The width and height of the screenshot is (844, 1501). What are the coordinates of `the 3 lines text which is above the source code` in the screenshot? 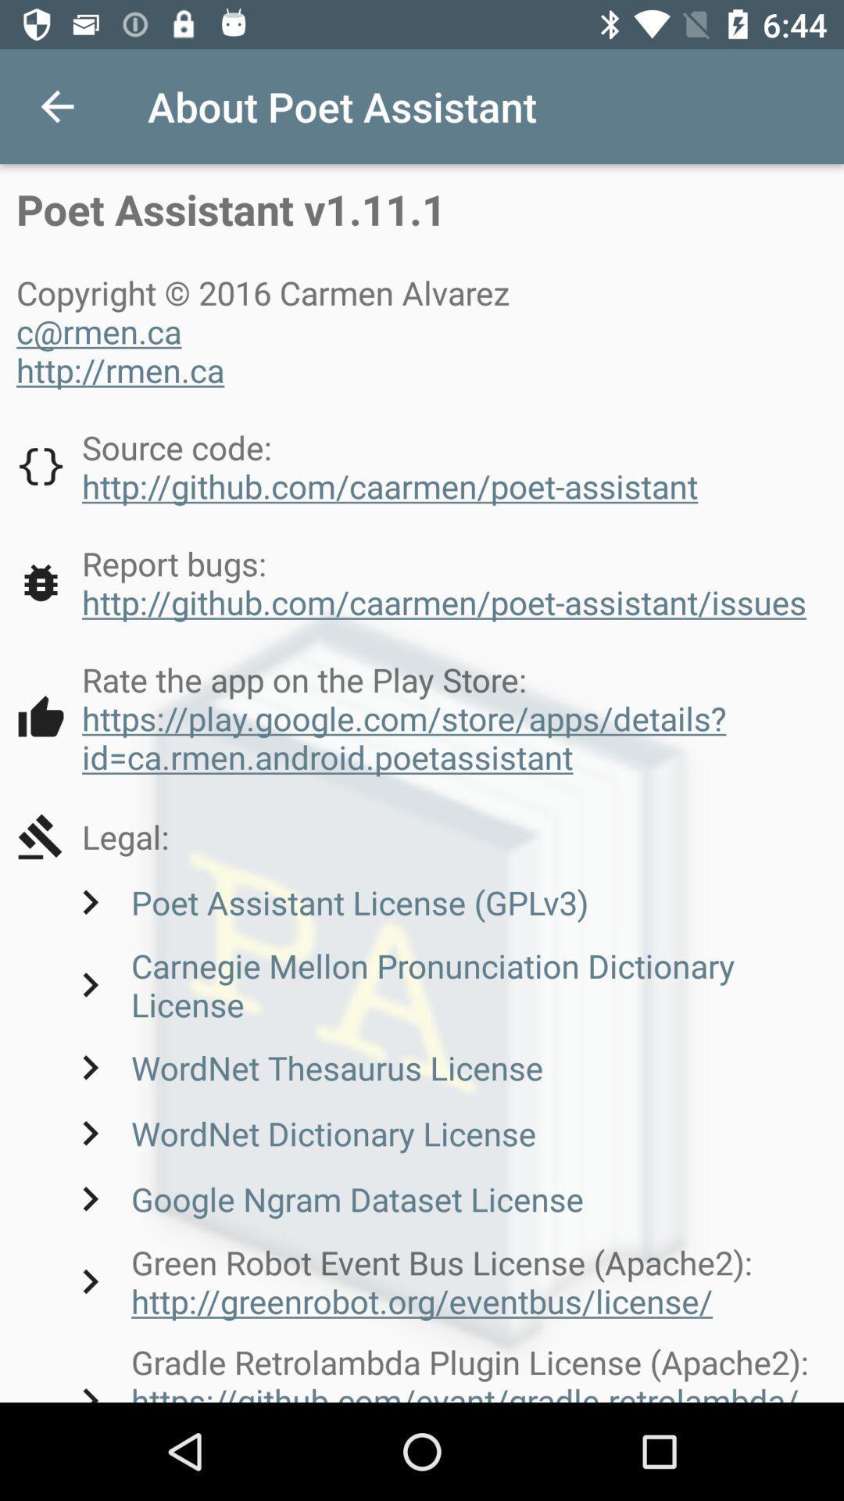 It's located at (267, 330).